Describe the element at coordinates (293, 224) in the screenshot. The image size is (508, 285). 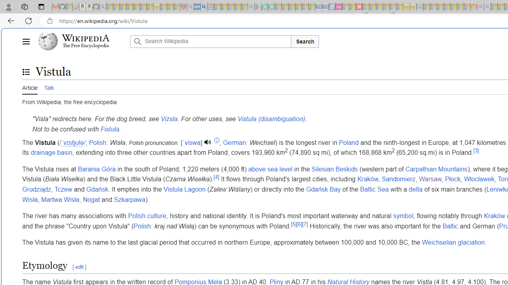
I see `'[5]'` at that location.